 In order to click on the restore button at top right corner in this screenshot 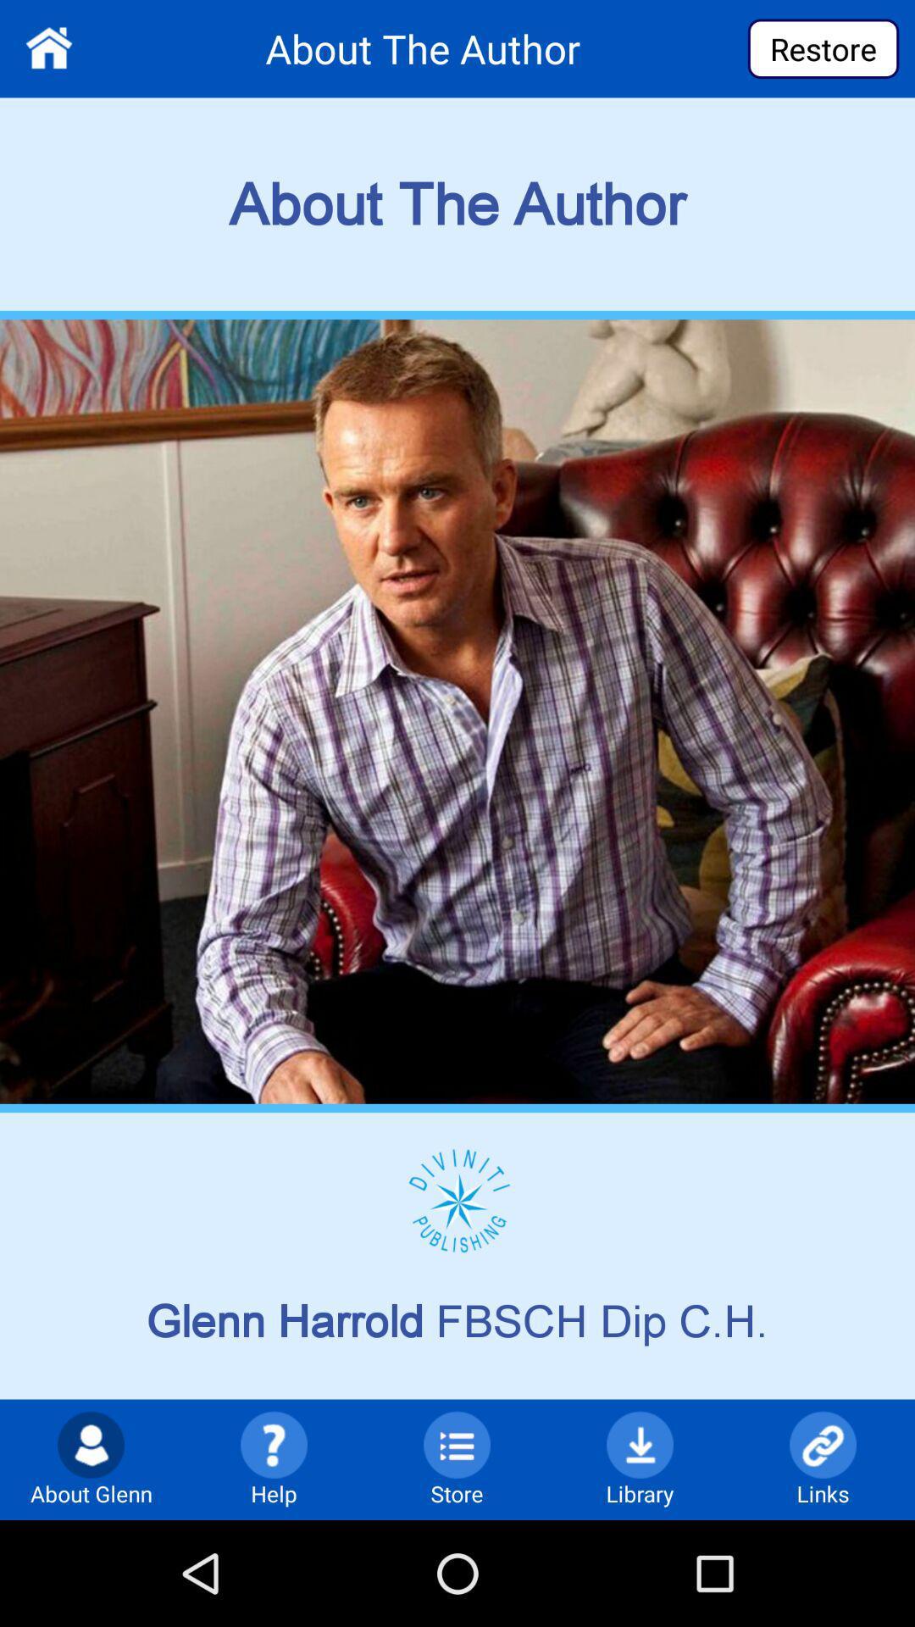, I will do `click(823, 48)`.